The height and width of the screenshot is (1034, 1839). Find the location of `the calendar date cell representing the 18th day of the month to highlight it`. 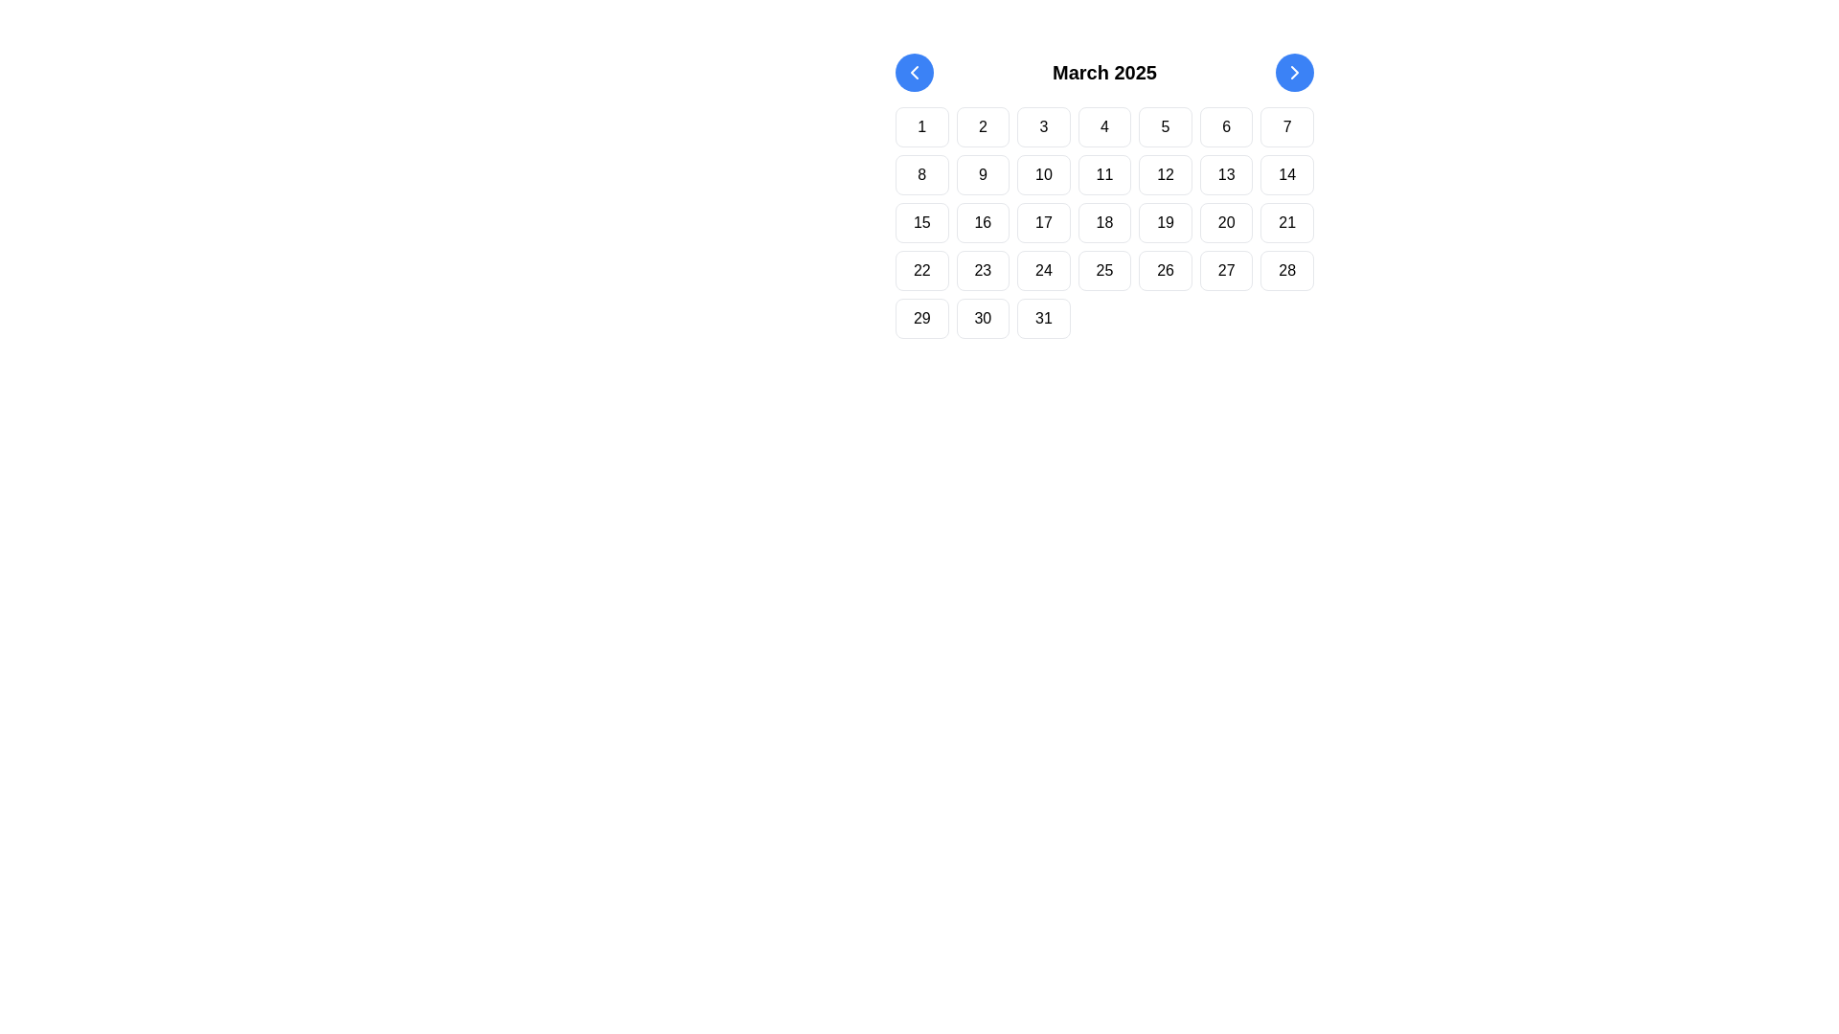

the calendar date cell representing the 18th day of the month to highlight it is located at coordinates (1104, 221).